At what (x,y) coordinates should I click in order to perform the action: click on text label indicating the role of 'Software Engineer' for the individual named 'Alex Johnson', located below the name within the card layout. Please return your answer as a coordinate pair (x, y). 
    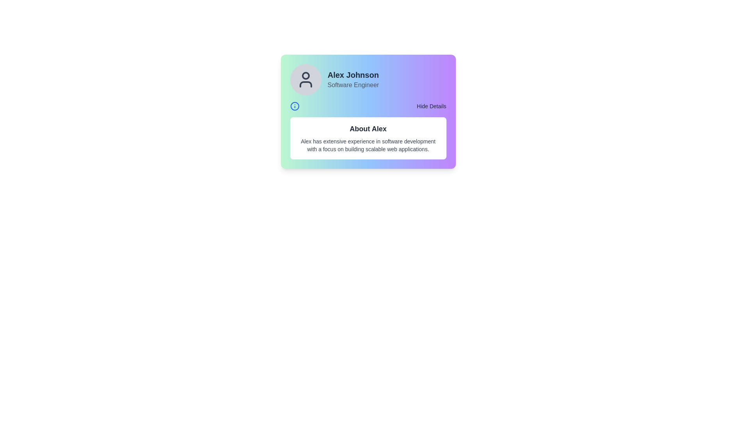
    Looking at the image, I should click on (353, 85).